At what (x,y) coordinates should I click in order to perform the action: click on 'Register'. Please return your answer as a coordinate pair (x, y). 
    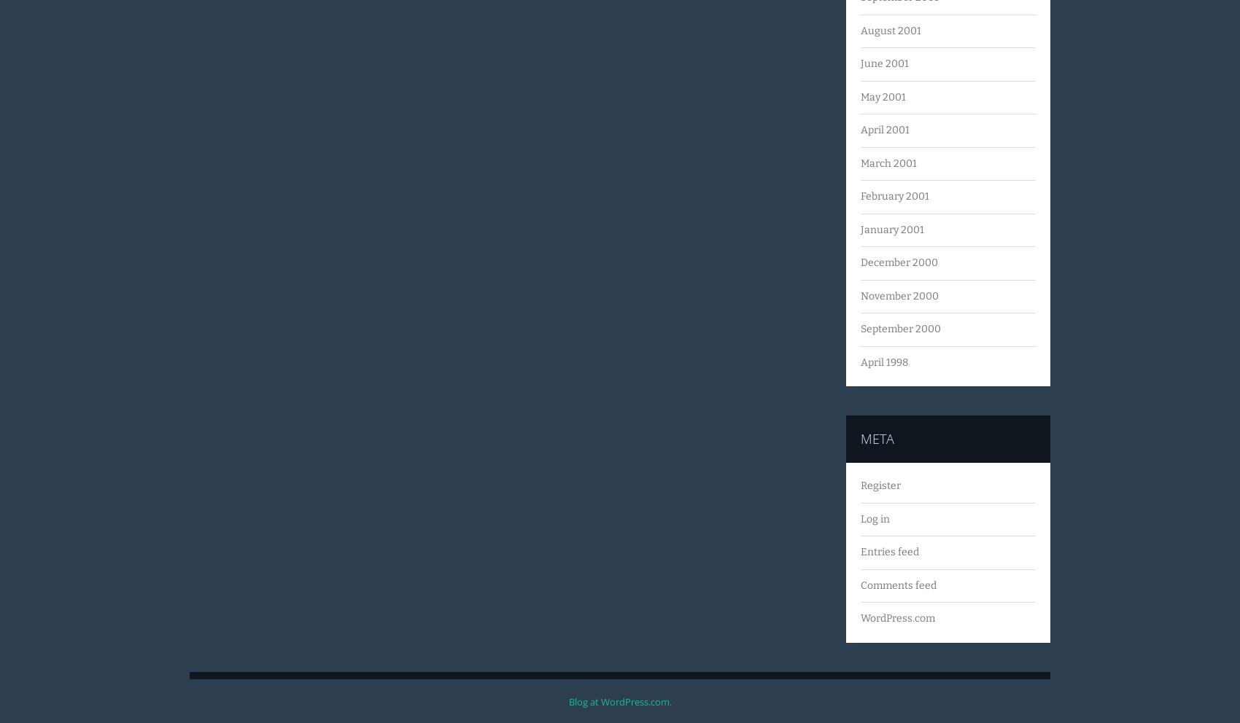
    Looking at the image, I should click on (859, 485).